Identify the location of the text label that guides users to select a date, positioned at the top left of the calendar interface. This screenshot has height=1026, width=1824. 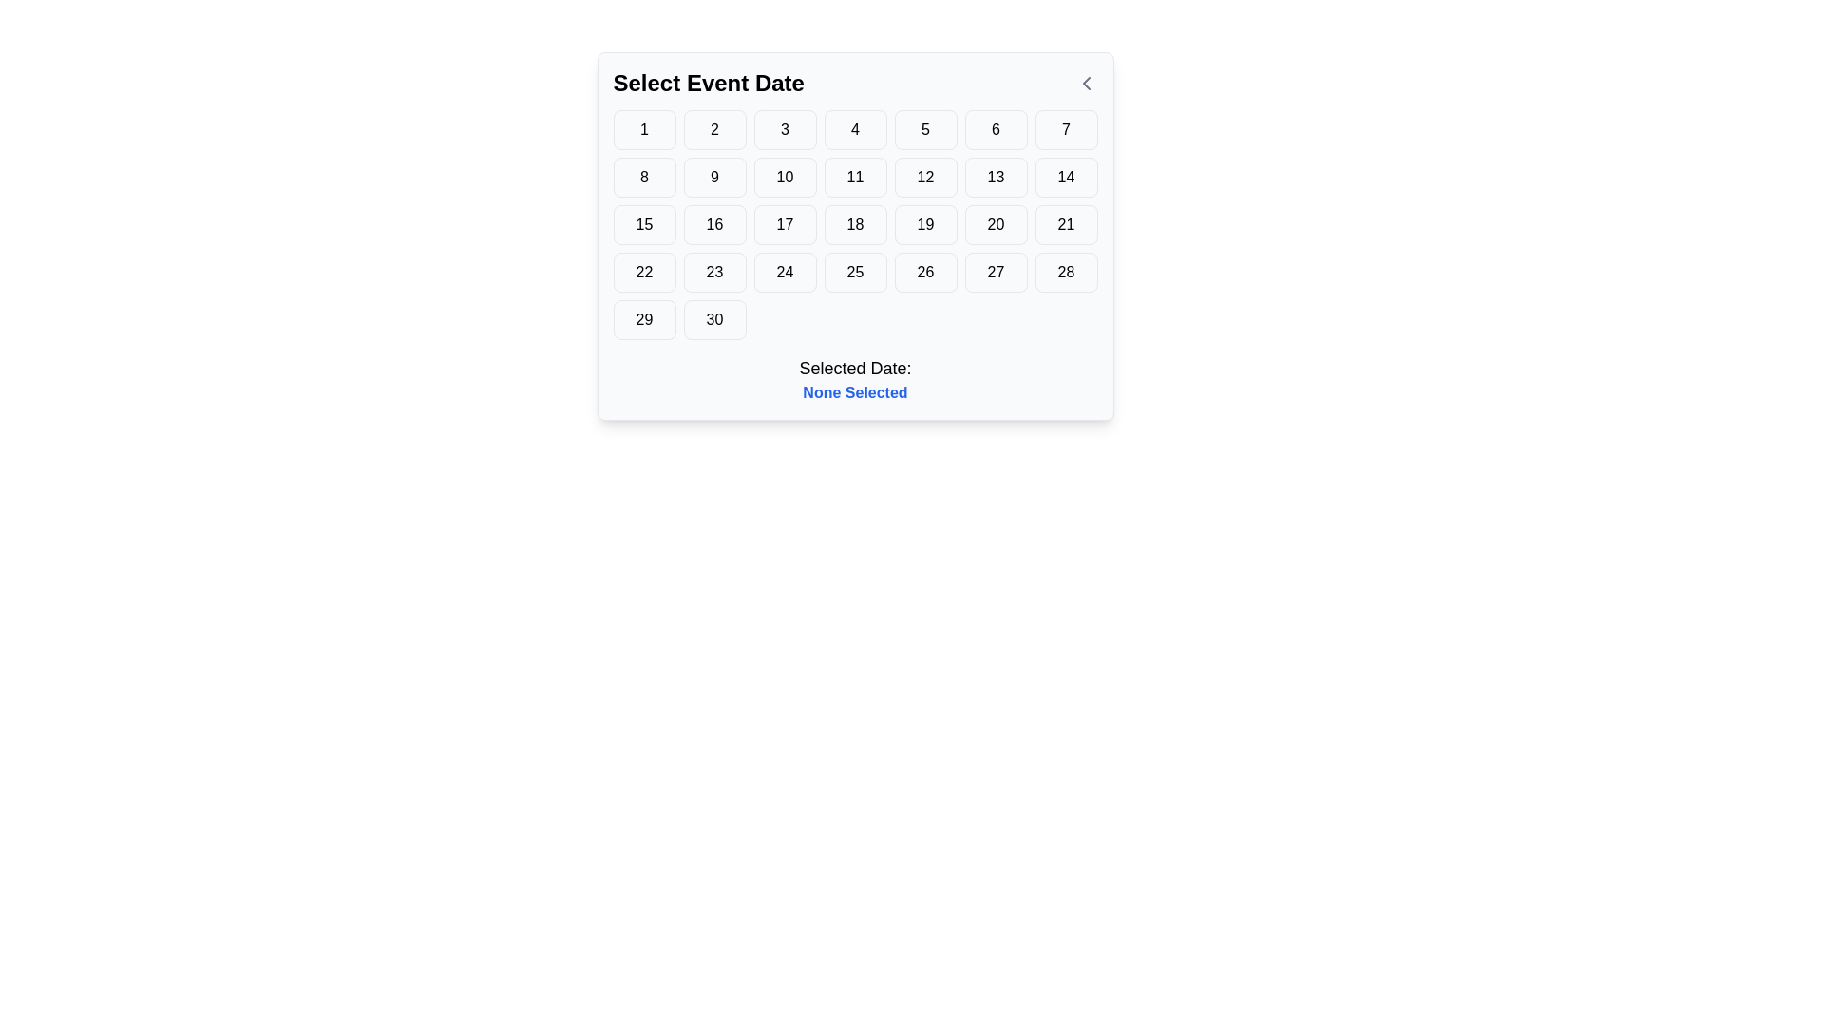
(708, 83).